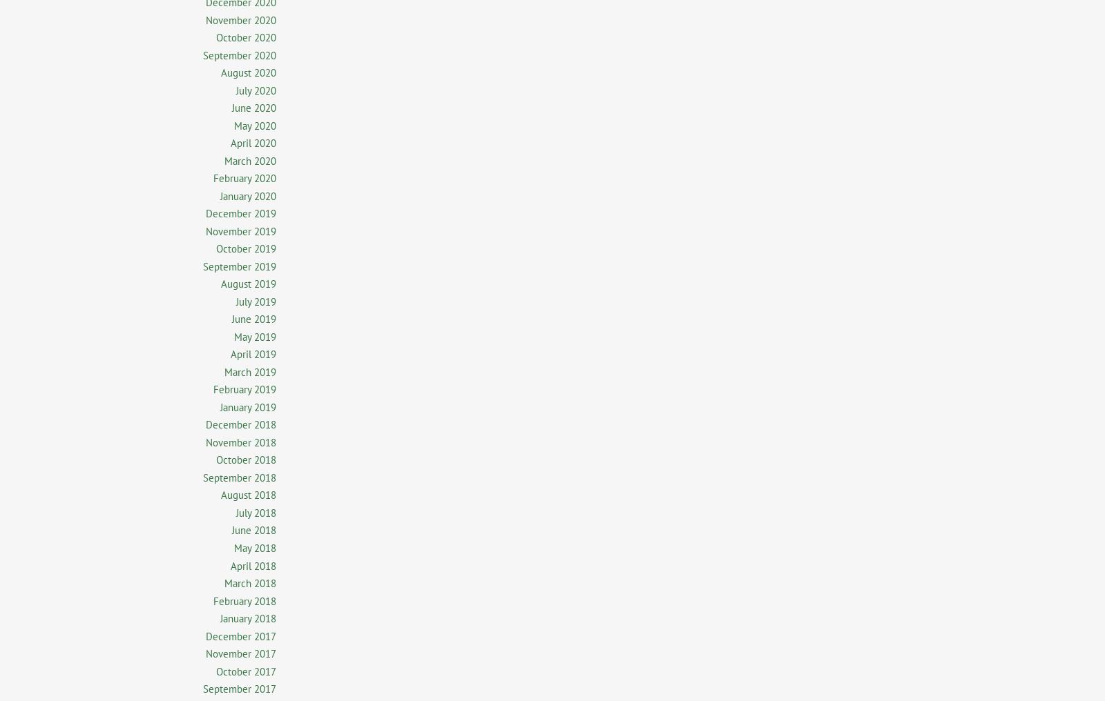 The height and width of the screenshot is (701, 1105). I want to click on 'December 2017', so click(240, 635).